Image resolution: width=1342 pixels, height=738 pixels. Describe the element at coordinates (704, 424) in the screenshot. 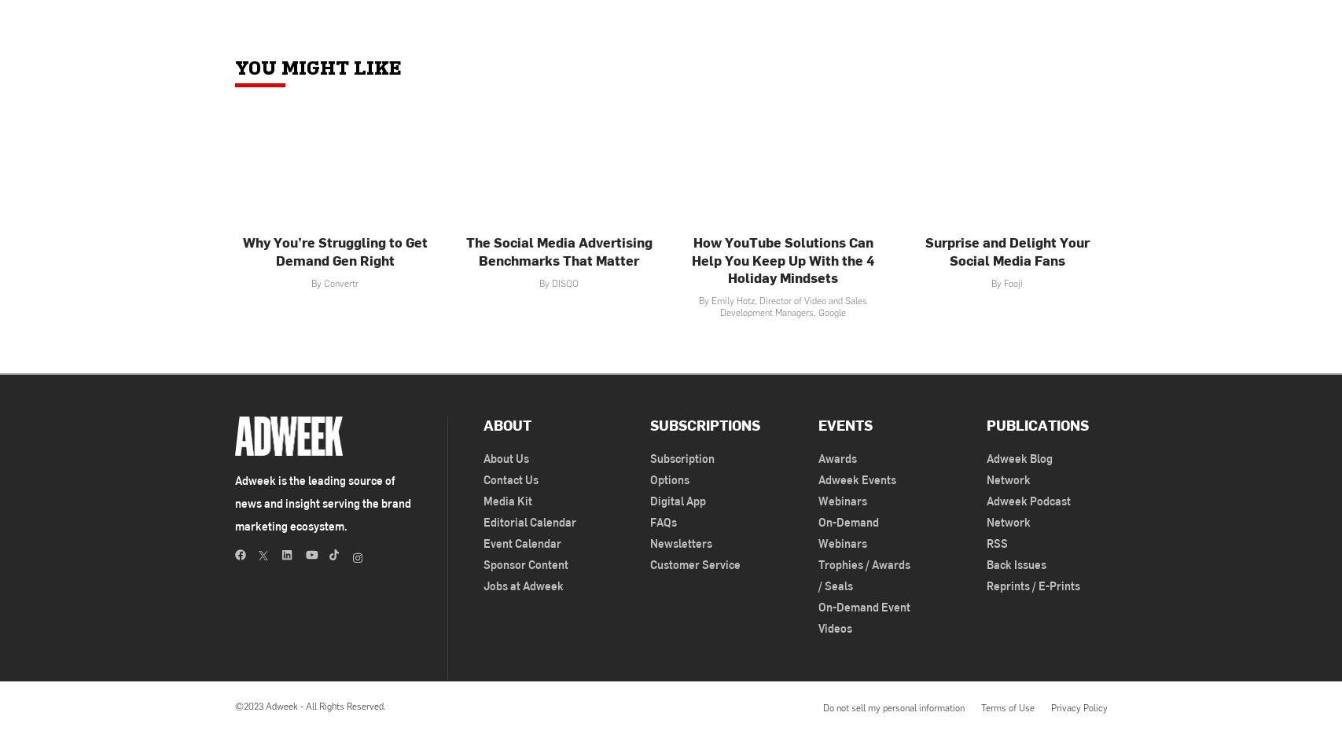

I see `'Subscriptions'` at that location.